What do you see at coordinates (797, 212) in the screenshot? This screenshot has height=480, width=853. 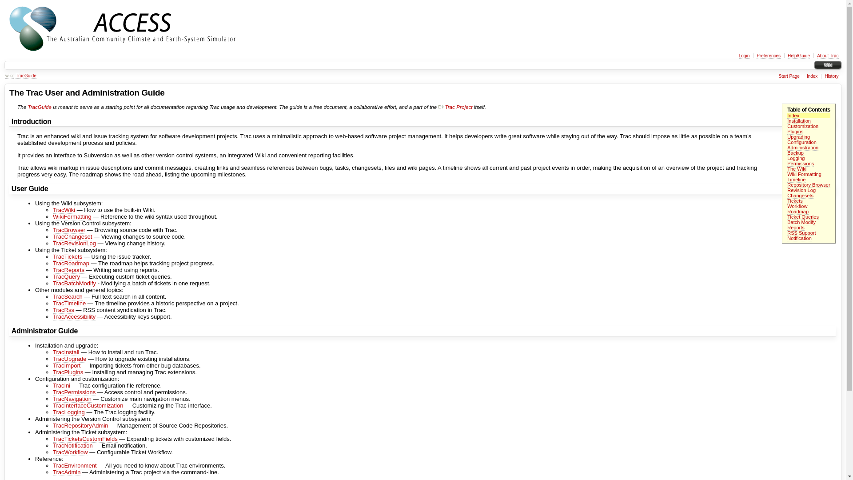 I see `'Roadmap'` at bounding box center [797, 212].